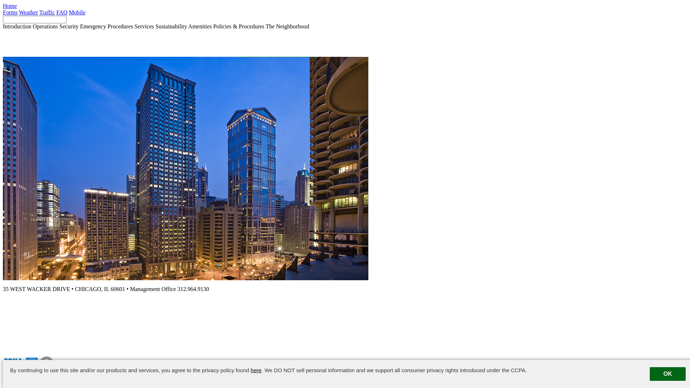  I want to click on 'Forms', so click(10, 12).